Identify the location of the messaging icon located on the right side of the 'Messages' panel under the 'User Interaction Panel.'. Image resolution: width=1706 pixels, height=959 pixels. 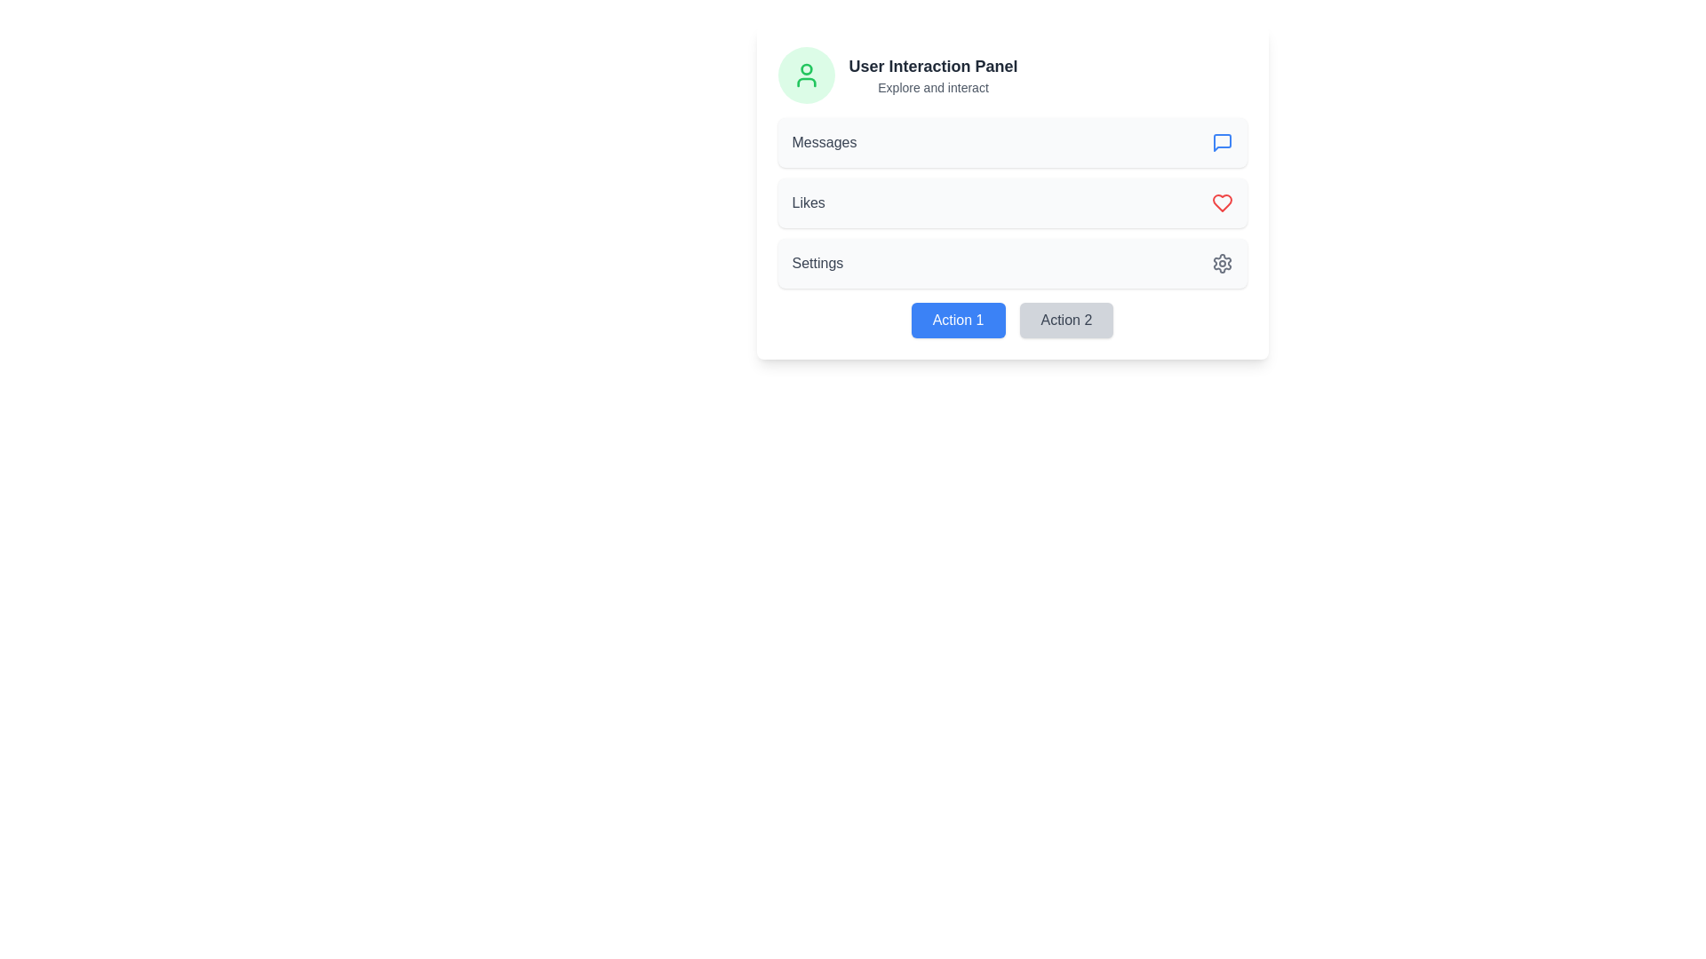
(1221, 142).